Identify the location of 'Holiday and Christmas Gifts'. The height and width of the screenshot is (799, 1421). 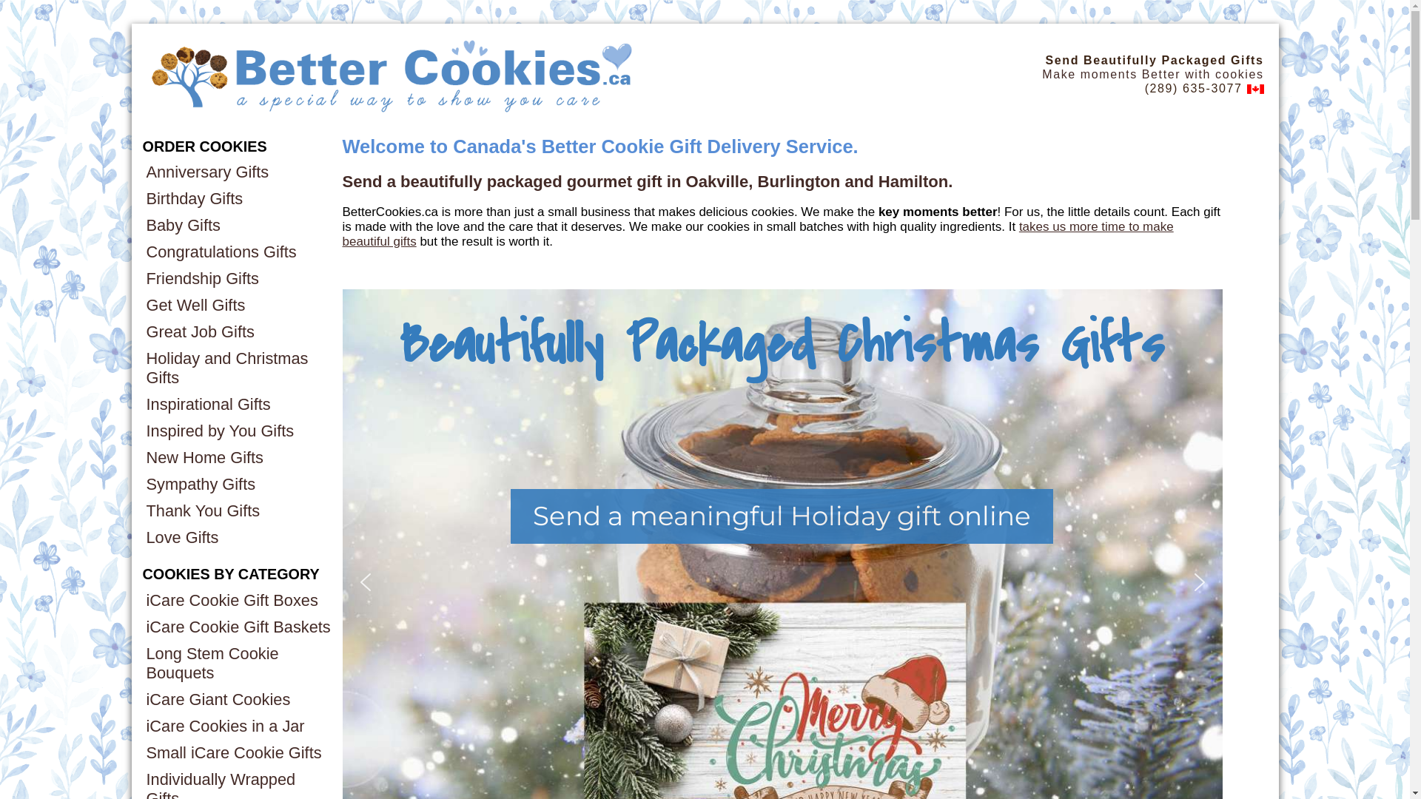
(238, 367).